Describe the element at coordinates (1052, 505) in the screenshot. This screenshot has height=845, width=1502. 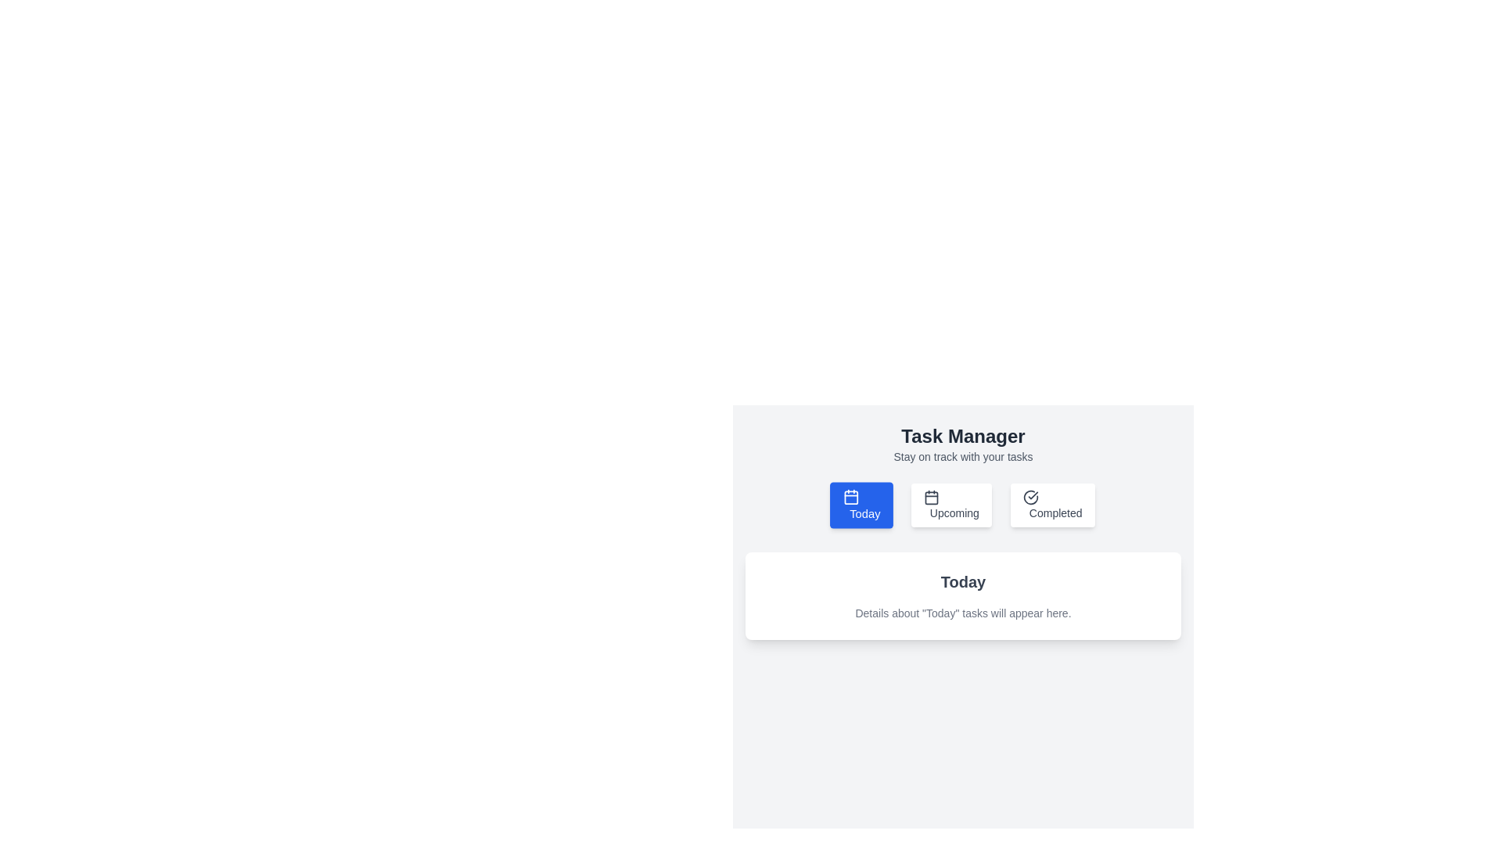
I see `the third button in the row, located below the 'Task Manager' header, to switch the view` at that location.